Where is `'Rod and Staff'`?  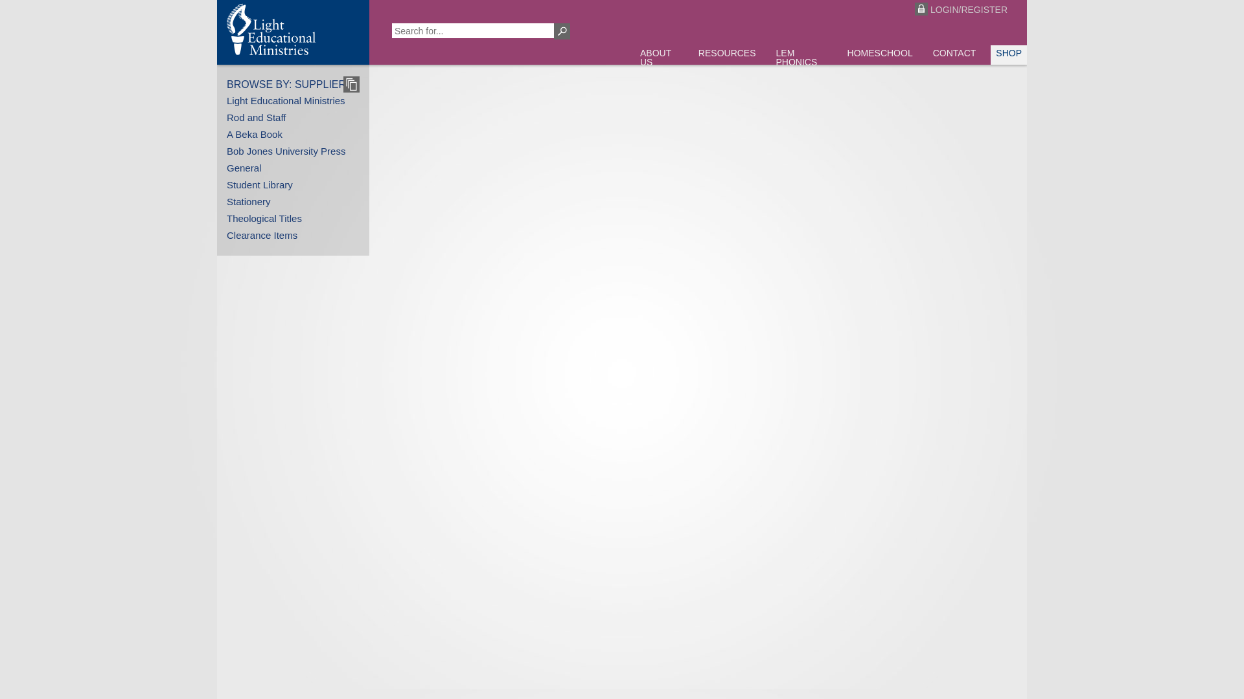 'Rod and Staff' is located at coordinates (256, 117).